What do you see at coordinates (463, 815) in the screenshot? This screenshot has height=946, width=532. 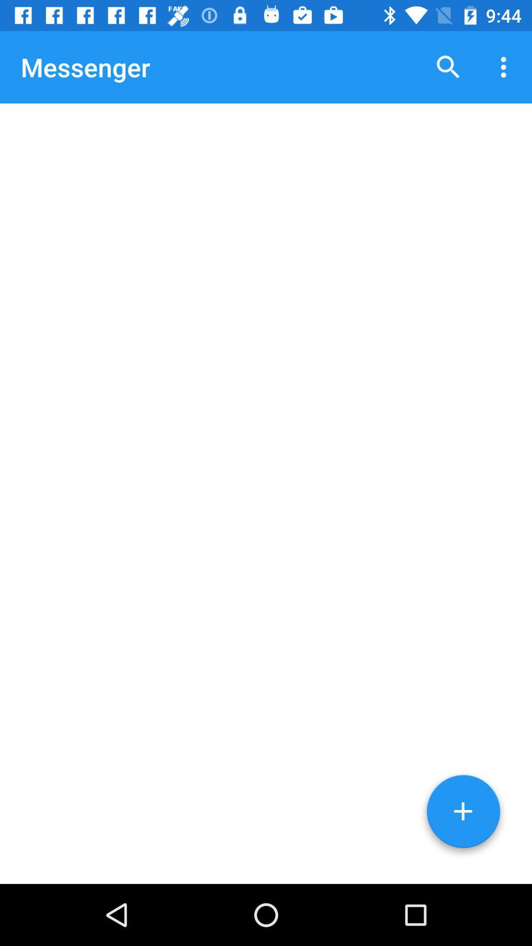 I see `the add icon` at bounding box center [463, 815].